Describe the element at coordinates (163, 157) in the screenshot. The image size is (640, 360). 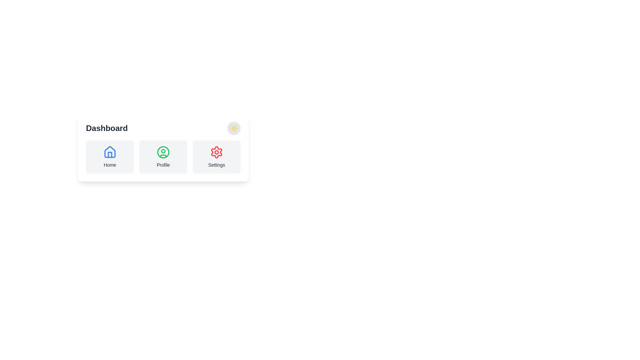
I see `the navigation button that accesses the 'Profile' section` at that location.